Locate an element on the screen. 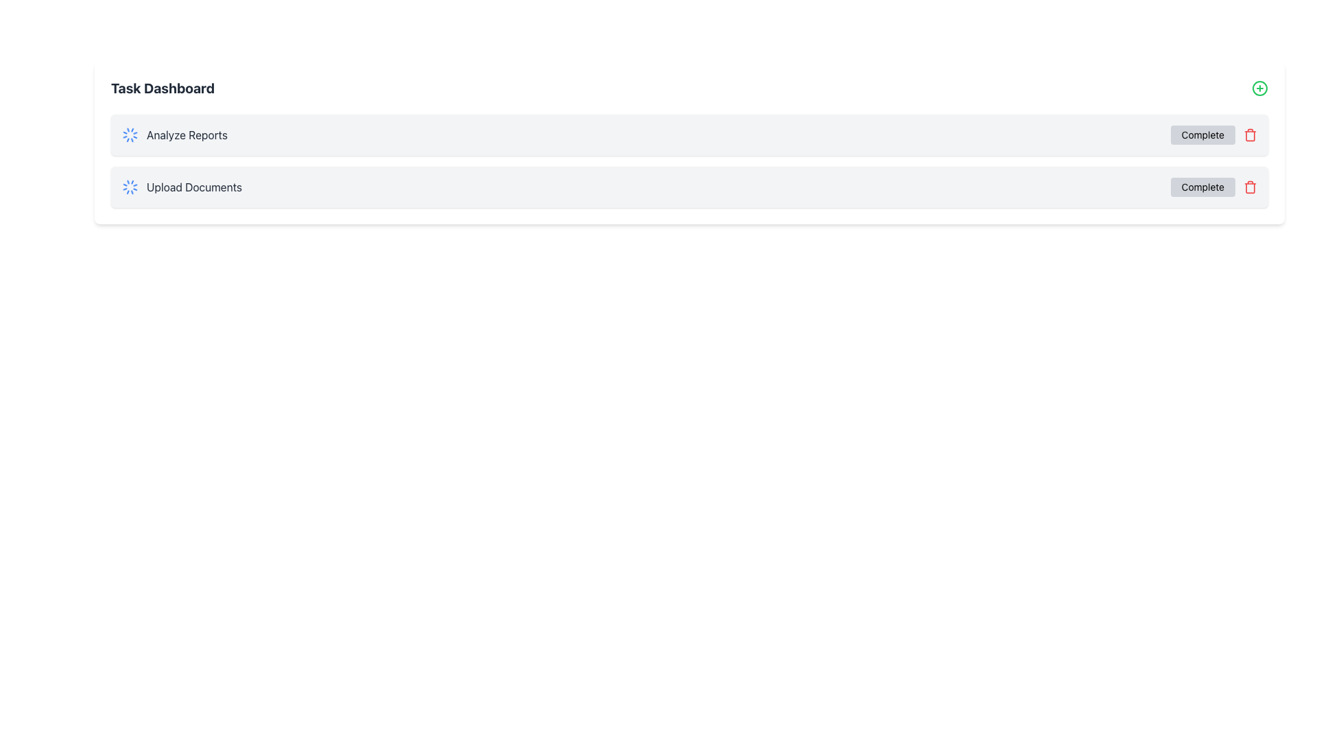 The image size is (1317, 741). the 'plus' action button located on the far right side of the header section of the 'Task Dashboard' is located at coordinates (1260, 88).